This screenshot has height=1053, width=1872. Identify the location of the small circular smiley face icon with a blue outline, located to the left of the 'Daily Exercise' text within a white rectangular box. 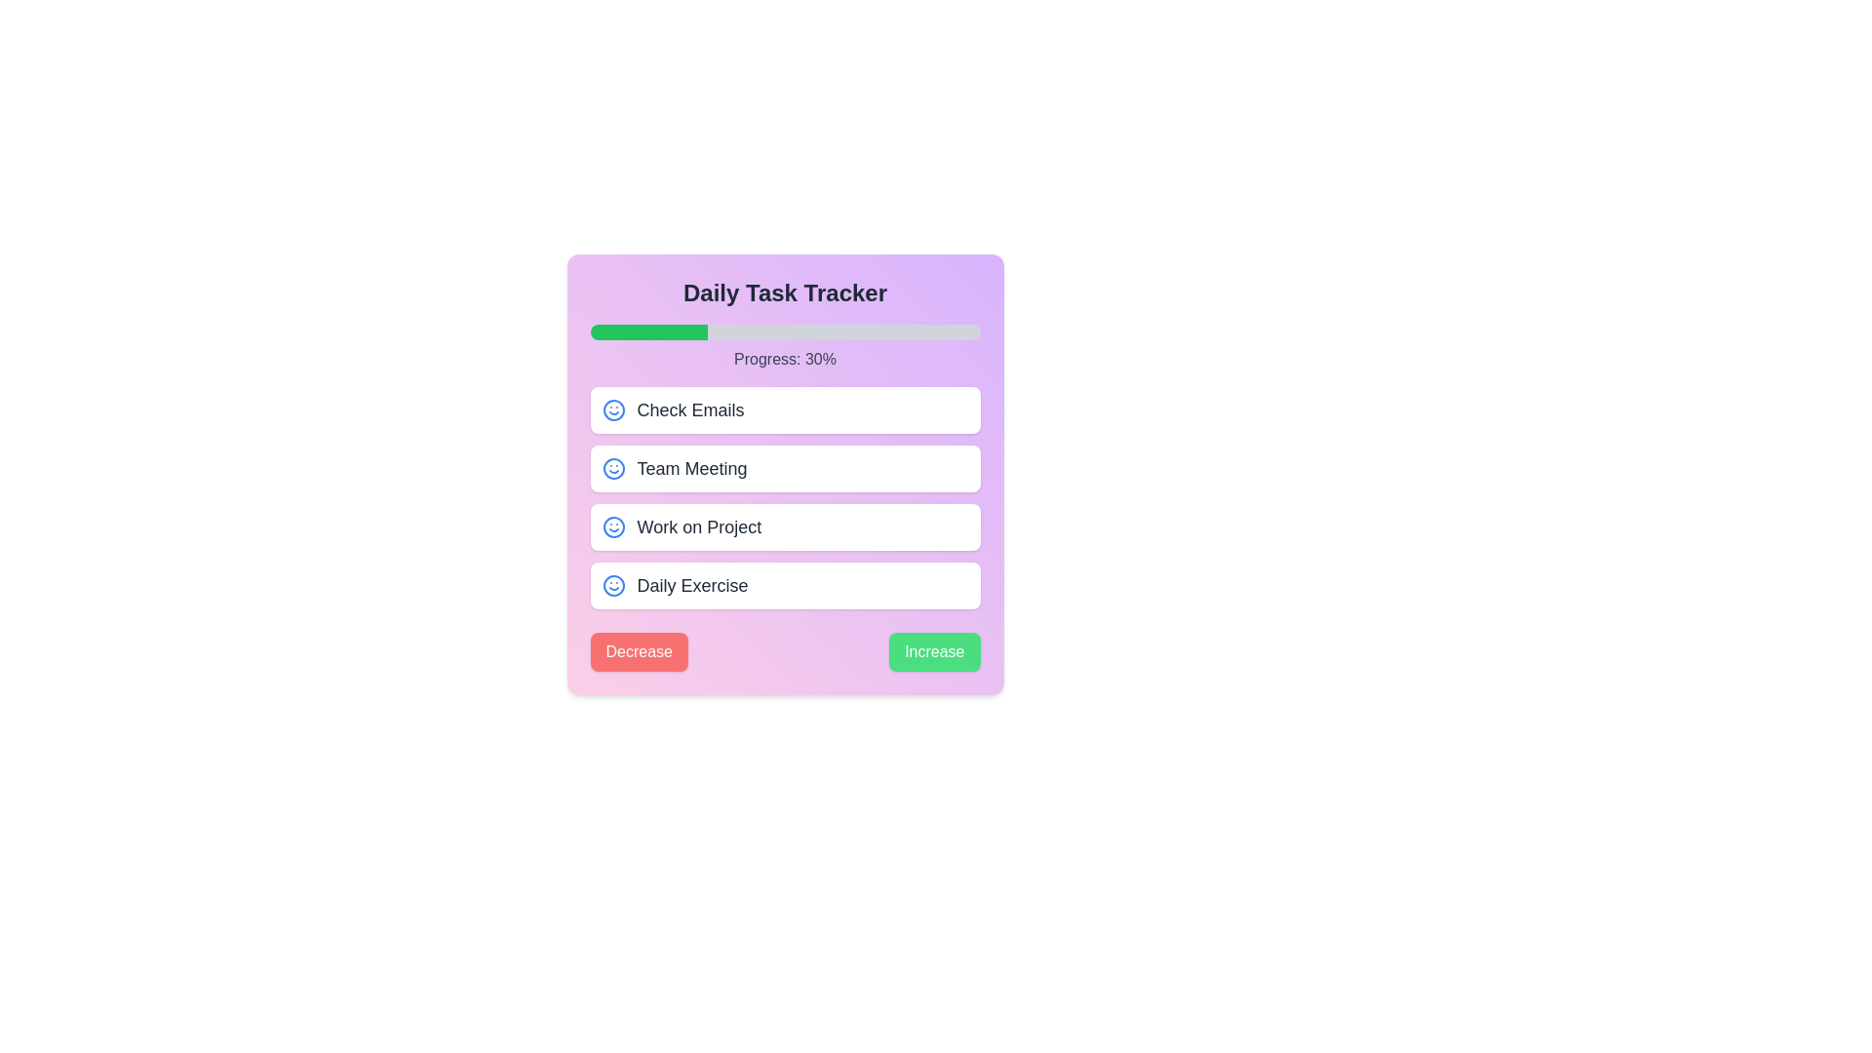
(612, 585).